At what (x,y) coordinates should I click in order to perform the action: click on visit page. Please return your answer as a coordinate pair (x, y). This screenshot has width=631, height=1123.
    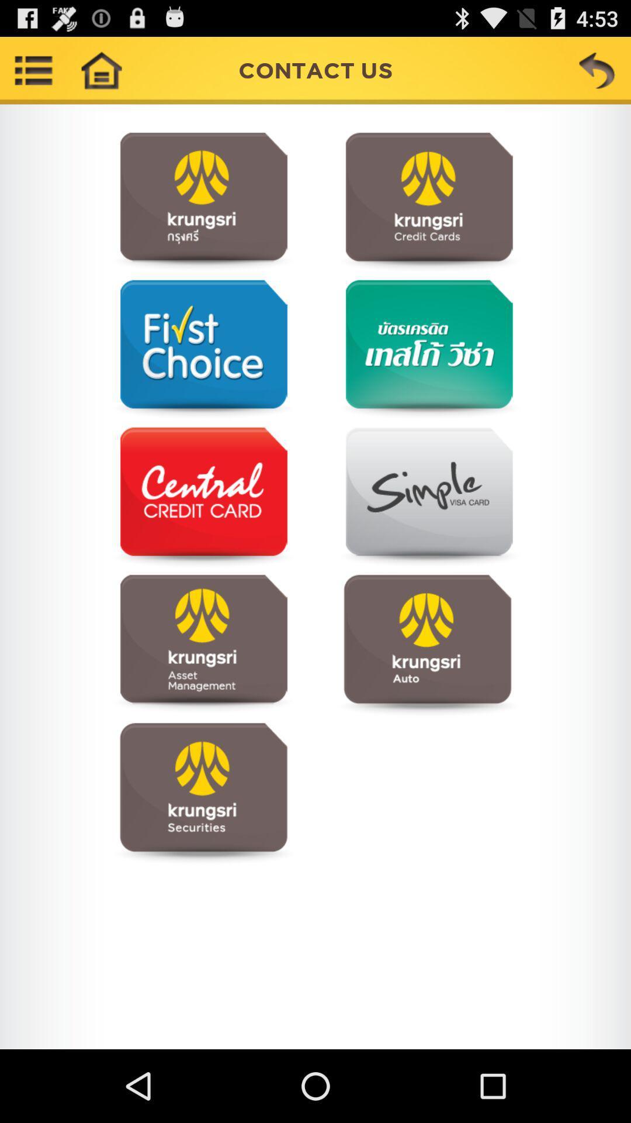
    Looking at the image, I should click on (203, 792).